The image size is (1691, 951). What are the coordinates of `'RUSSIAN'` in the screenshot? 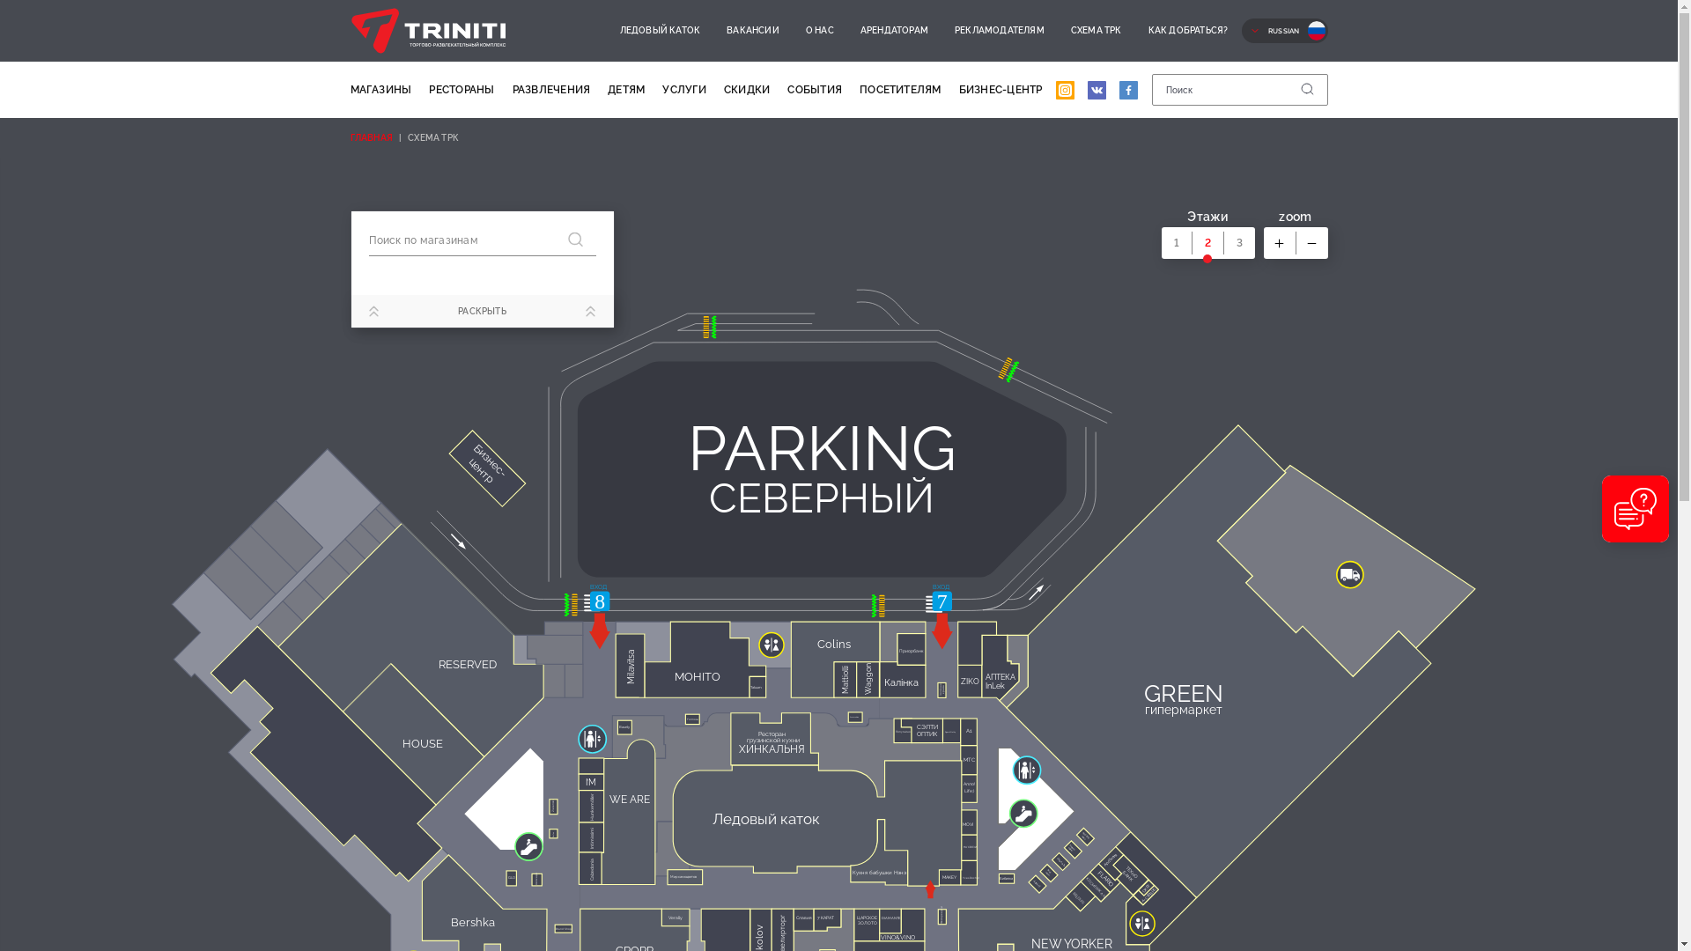 It's located at (1285, 30).